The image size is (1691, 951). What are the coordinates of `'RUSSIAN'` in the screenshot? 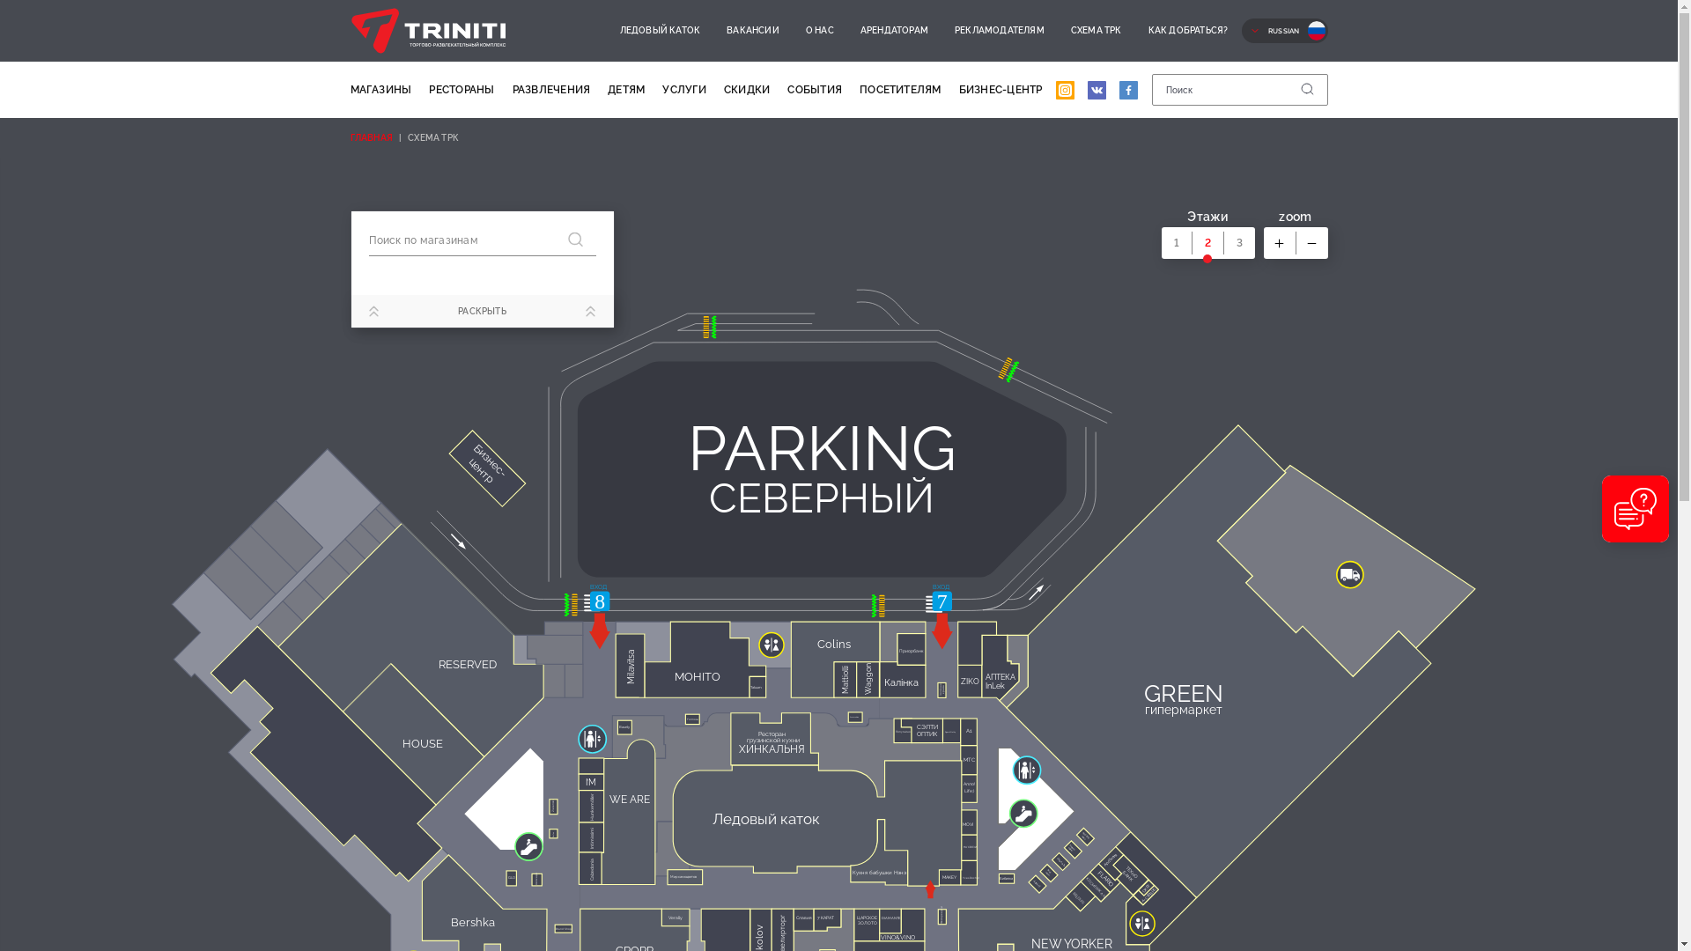 It's located at (1285, 30).